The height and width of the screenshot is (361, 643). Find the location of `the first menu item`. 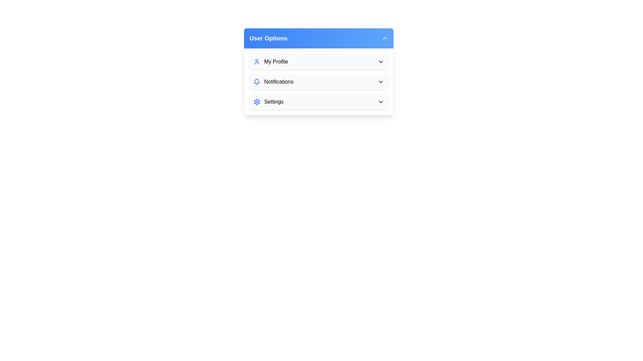

the first menu item is located at coordinates (318, 62).